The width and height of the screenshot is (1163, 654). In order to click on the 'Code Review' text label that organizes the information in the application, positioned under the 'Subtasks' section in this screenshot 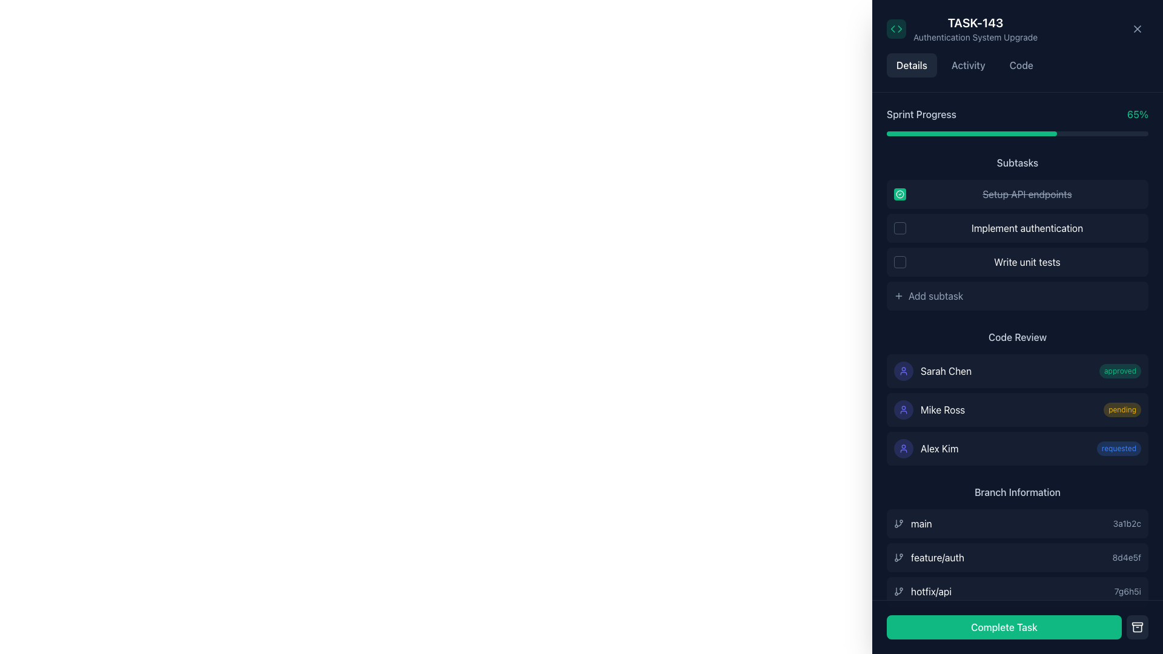, I will do `click(1018, 337)`.